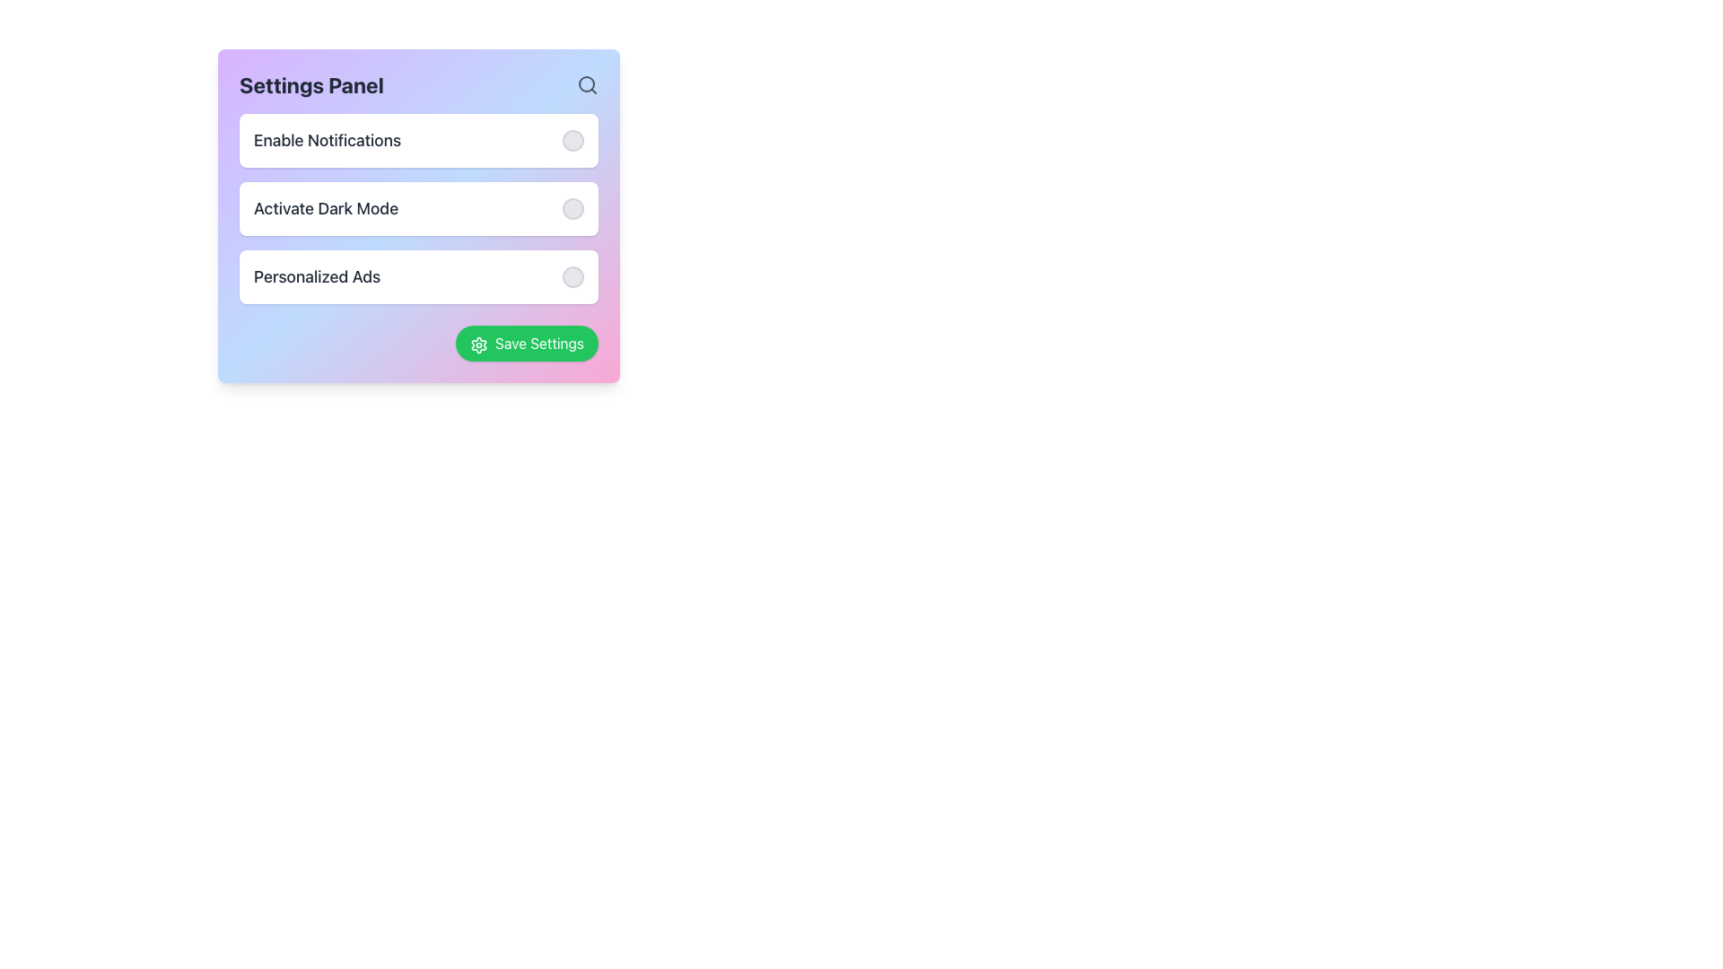 This screenshot has height=969, width=1723. I want to click on on the circular toggle button for 'Activate Dark Mode', which is located, so click(572, 207).